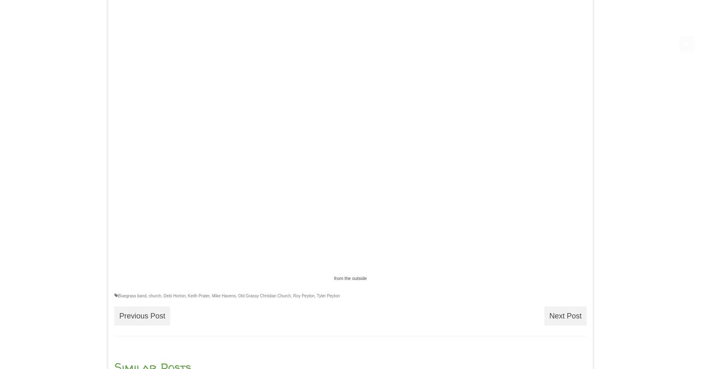 The width and height of the screenshot is (701, 369). I want to click on 'Bluegrass band', so click(131, 295).